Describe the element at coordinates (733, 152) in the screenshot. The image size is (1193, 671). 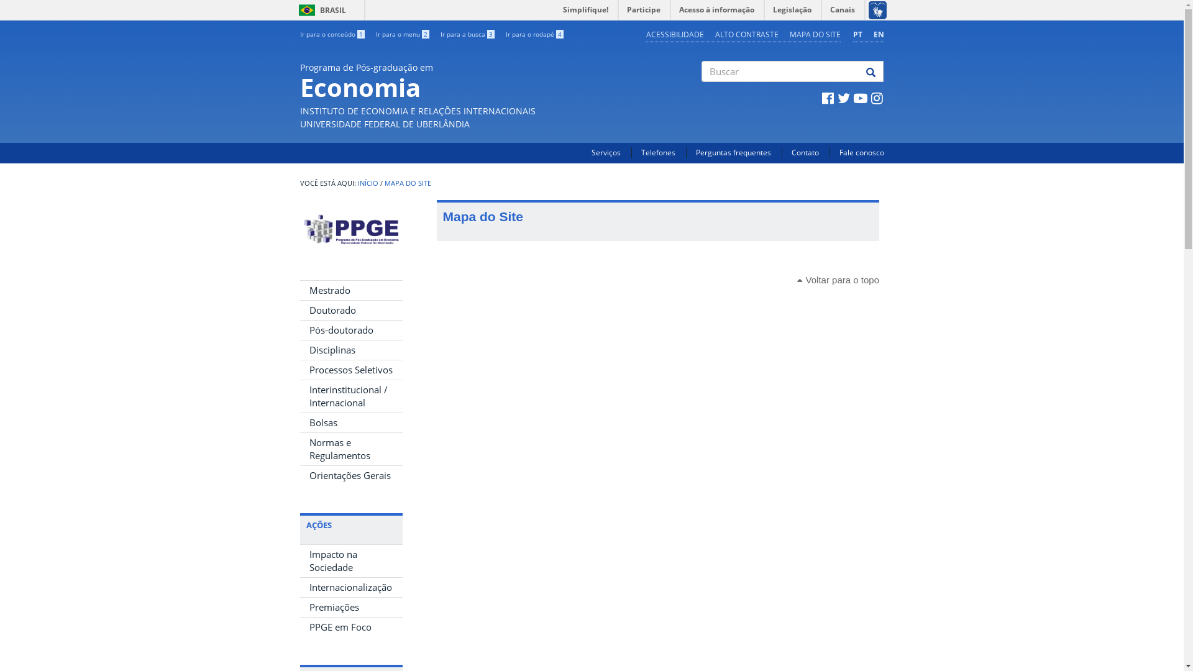
I see `'Perguntas frequentes'` at that location.